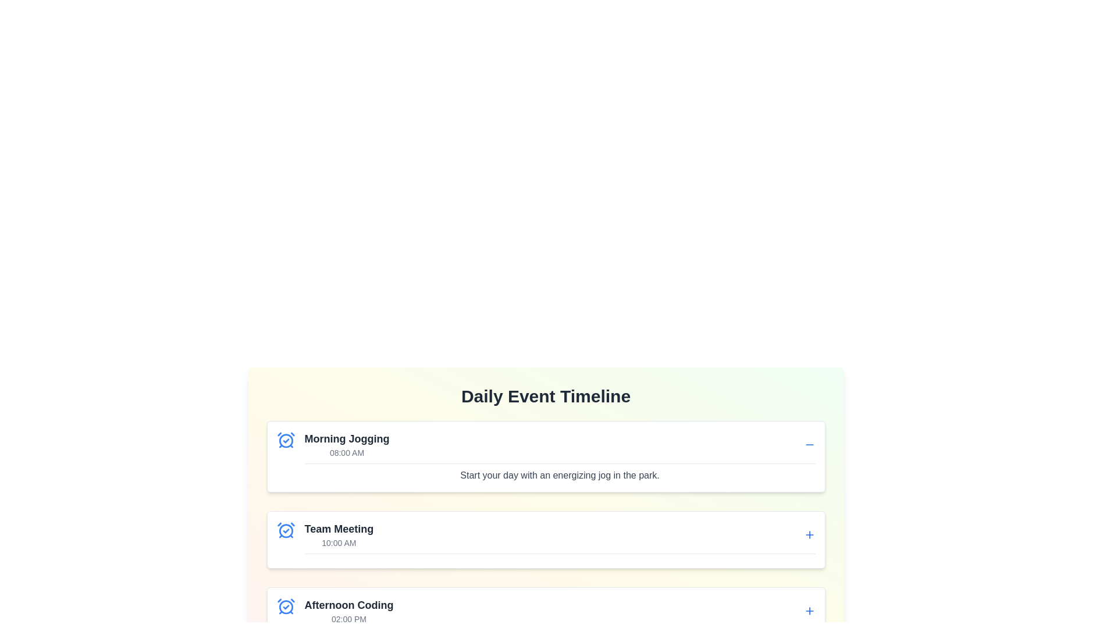 The width and height of the screenshot is (1117, 628). I want to click on the central circular part of the clock icon located in the 'Team Meeting' section on the timeline interface, so click(286, 531).